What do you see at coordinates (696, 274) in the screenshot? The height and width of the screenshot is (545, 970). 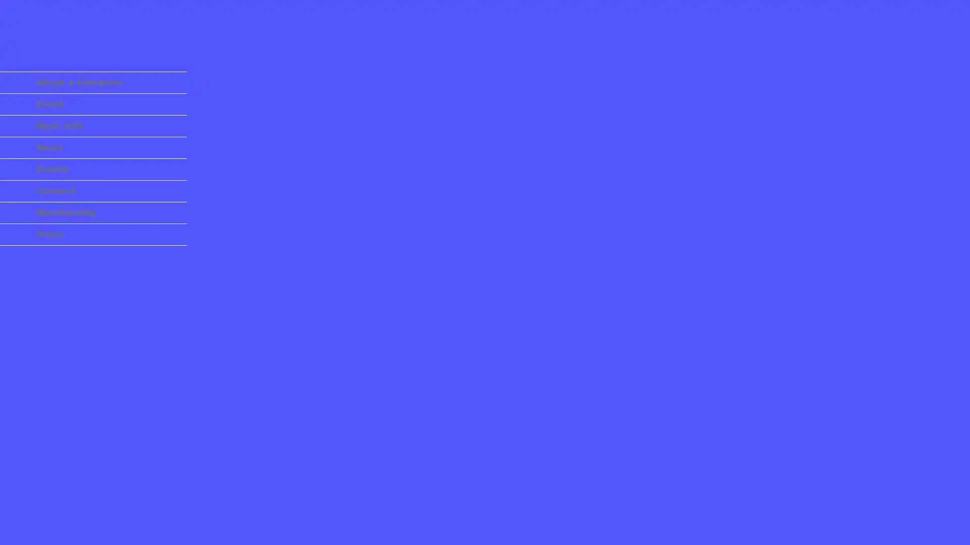 I see `U+0C24` at bounding box center [696, 274].